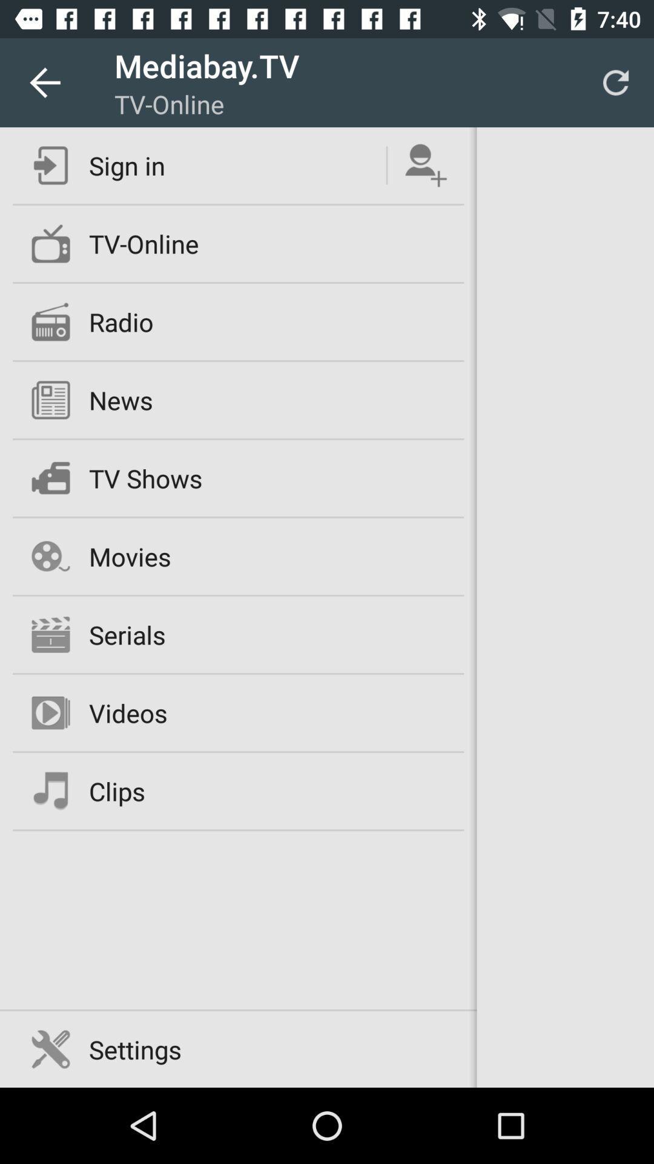  What do you see at coordinates (145, 477) in the screenshot?
I see `tv shows icon` at bounding box center [145, 477].